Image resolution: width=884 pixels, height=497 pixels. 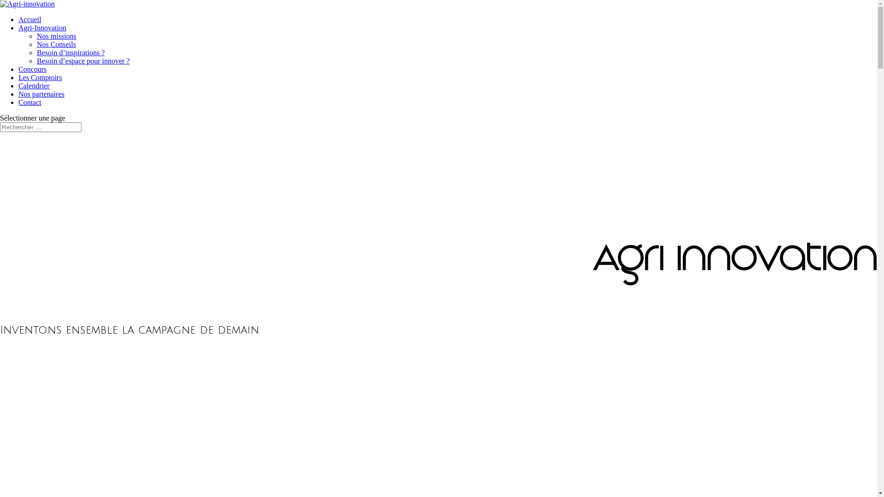 I want to click on 'Nos partenaires', so click(x=41, y=94).